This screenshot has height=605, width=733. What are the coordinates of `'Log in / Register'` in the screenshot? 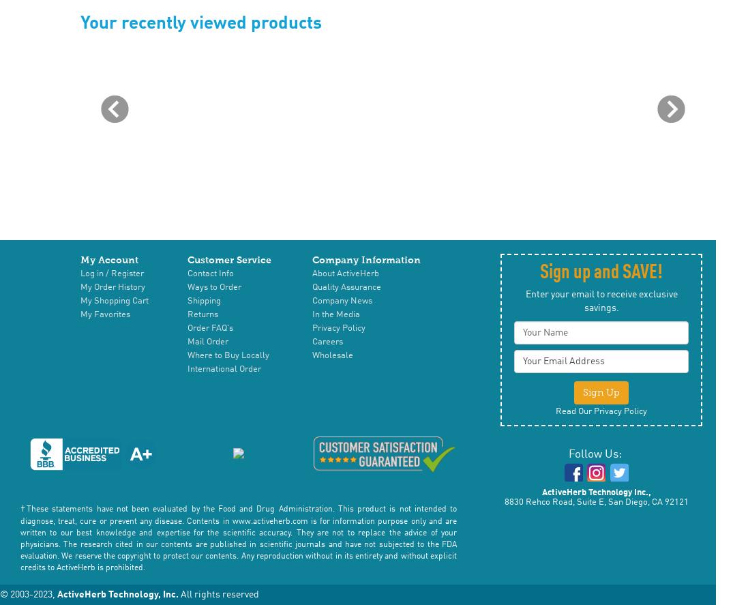 It's located at (111, 274).